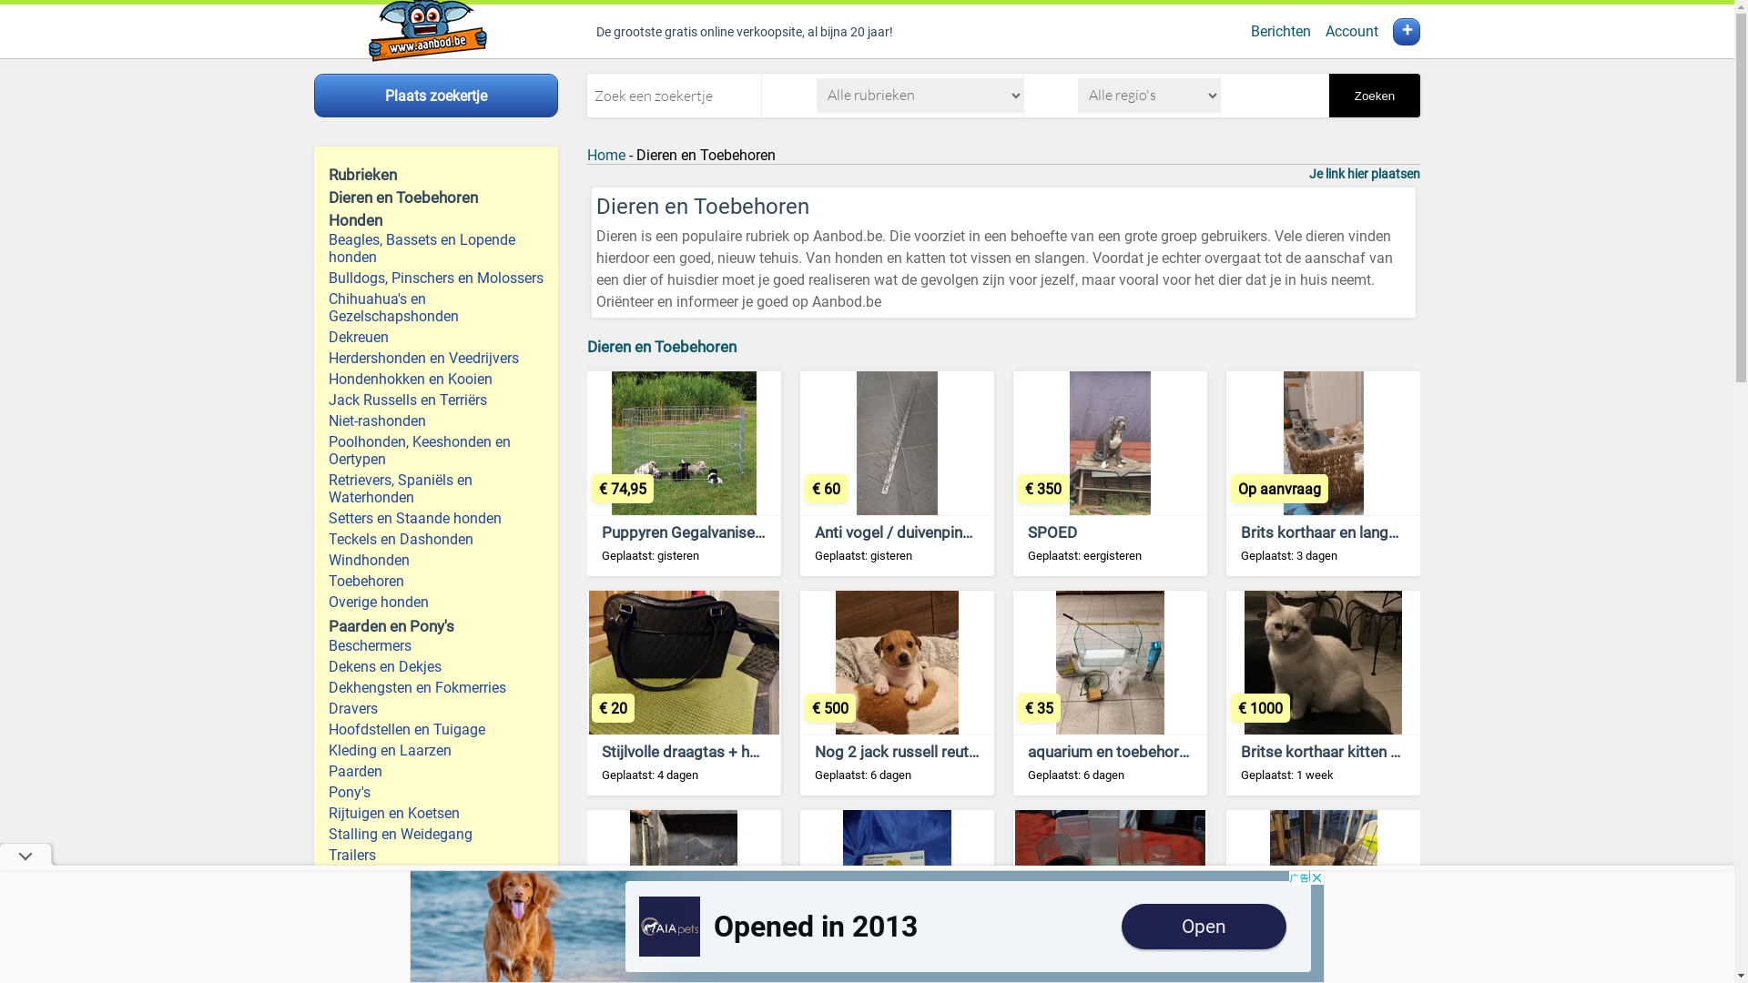 This screenshot has width=1748, height=983. What do you see at coordinates (328, 378) in the screenshot?
I see `'Hondenhokken en Kooien'` at bounding box center [328, 378].